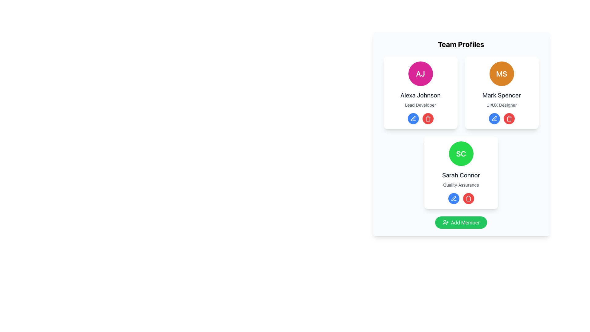  What do you see at coordinates (494, 118) in the screenshot?
I see `the editing icon located below the orange circular avatar labeled 'Mark Spencer' in the second card of the grid layout to initiate editing` at bounding box center [494, 118].